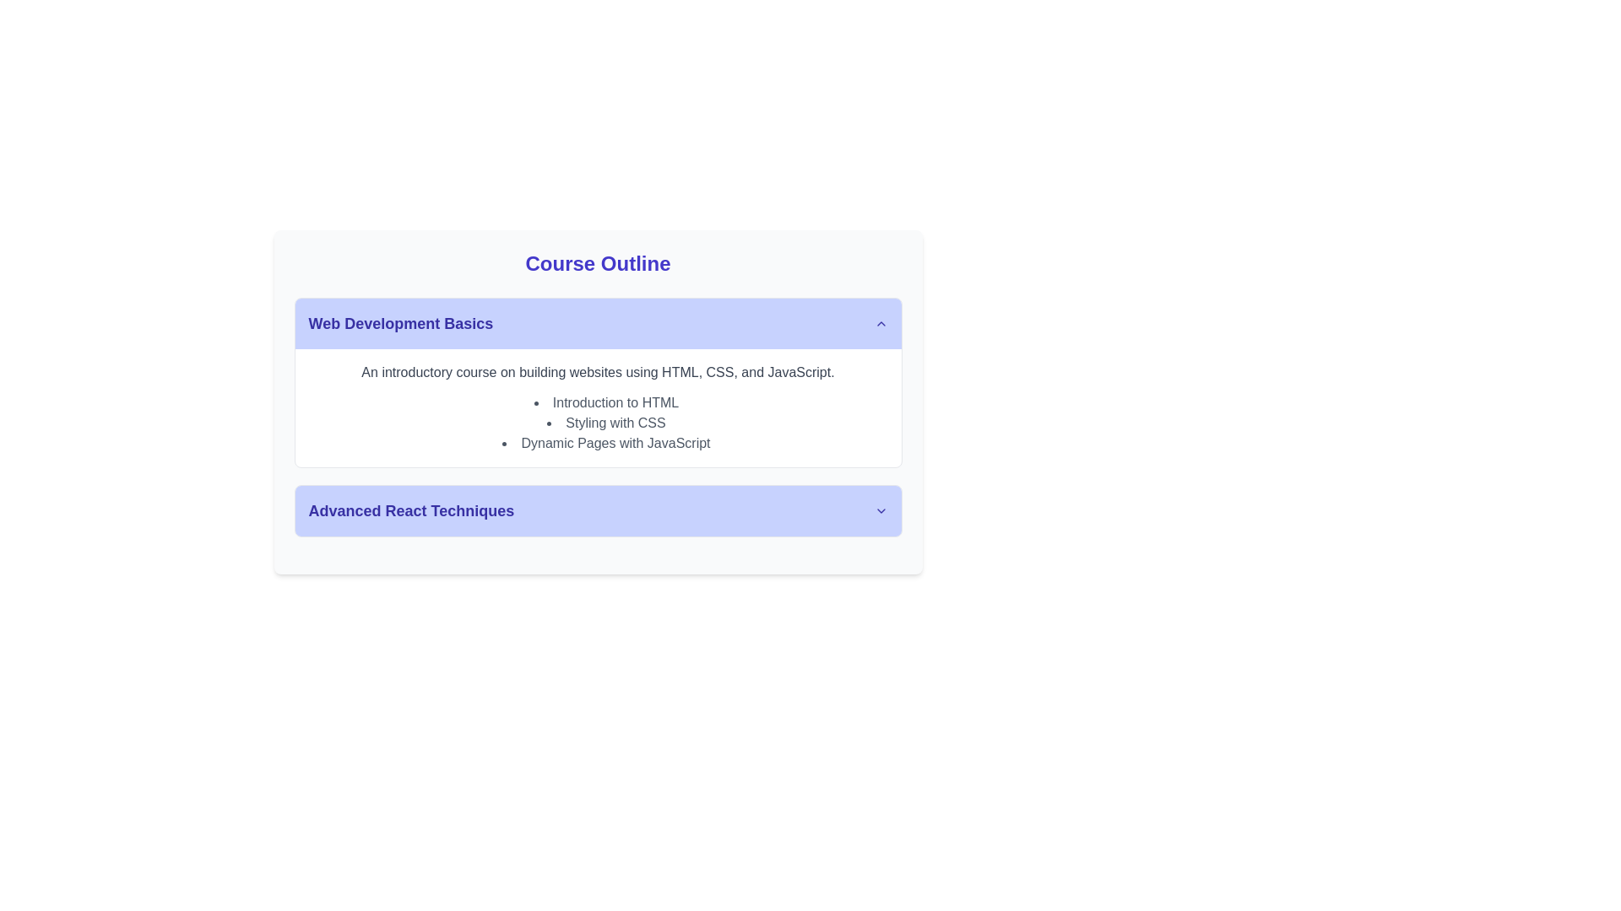 The height and width of the screenshot is (911, 1621). What do you see at coordinates (598, 263) in the screenshot?
I see `the 'Course Outline' text element, which is styled with a bold, large font in deep indigo color and is positioned centrally at the top of the panel layout` at bounding box center [598, 263].